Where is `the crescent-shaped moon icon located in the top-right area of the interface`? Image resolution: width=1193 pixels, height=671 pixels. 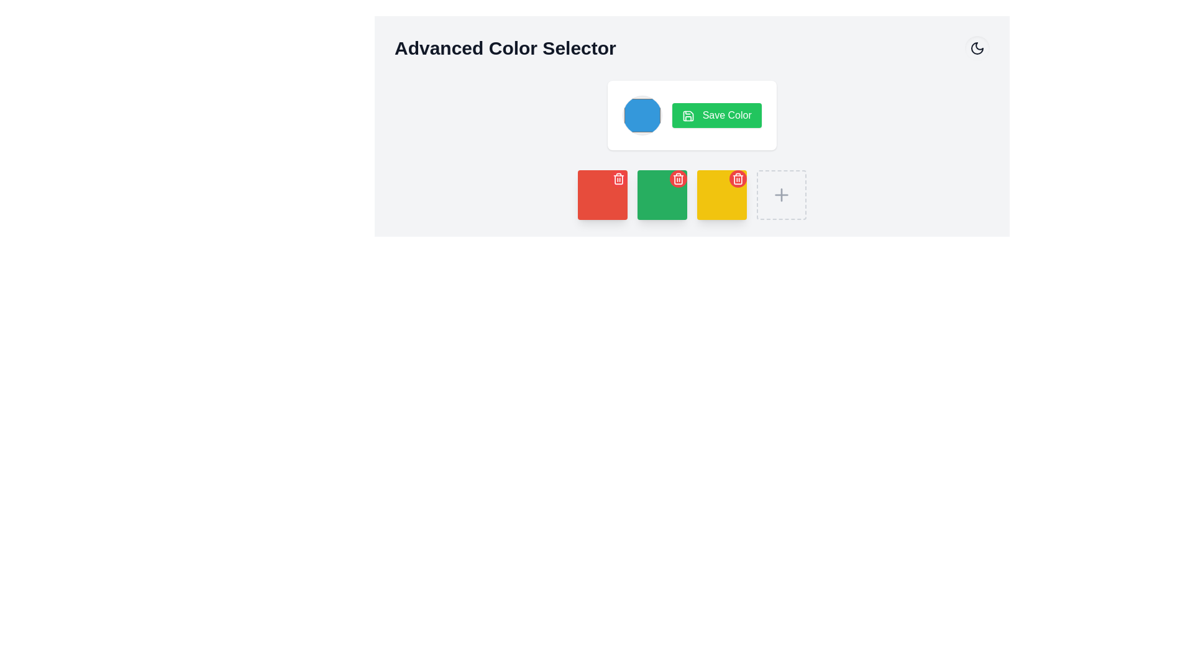 the crescent-shaped moon icon located in the top-right area of the interface is located at coordinates (977, 47).